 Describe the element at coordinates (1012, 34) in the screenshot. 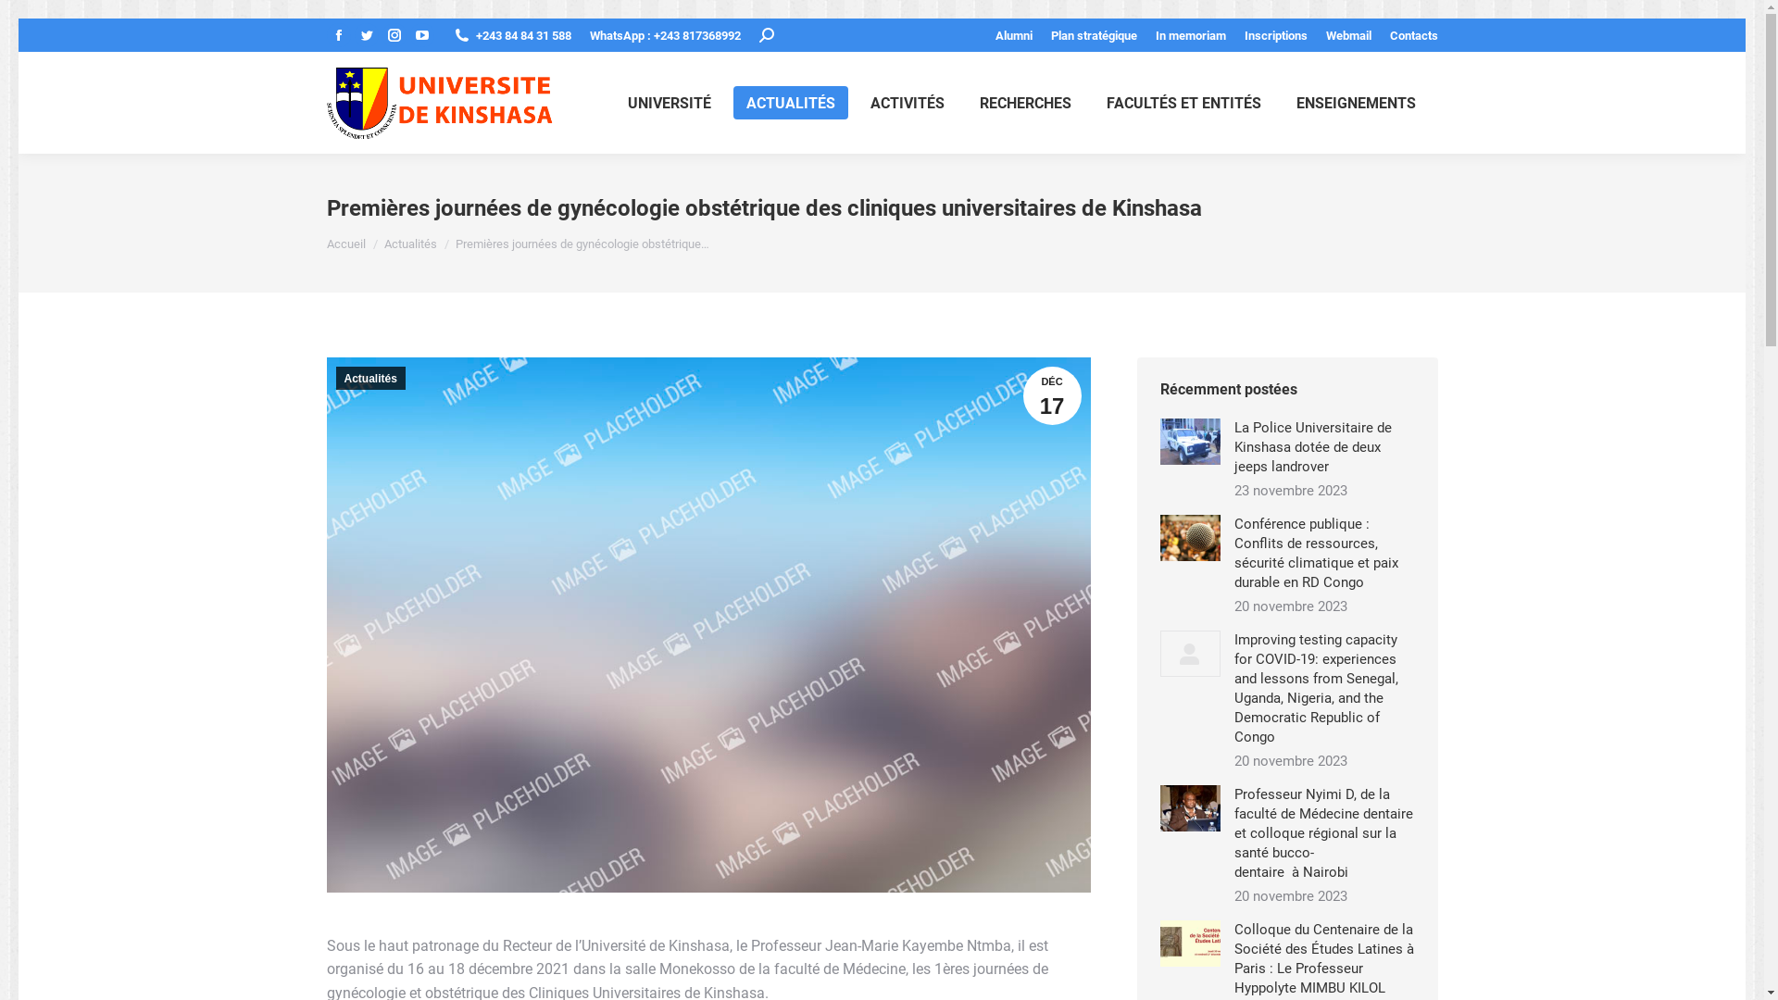

I see `'Alumni'` at that location.